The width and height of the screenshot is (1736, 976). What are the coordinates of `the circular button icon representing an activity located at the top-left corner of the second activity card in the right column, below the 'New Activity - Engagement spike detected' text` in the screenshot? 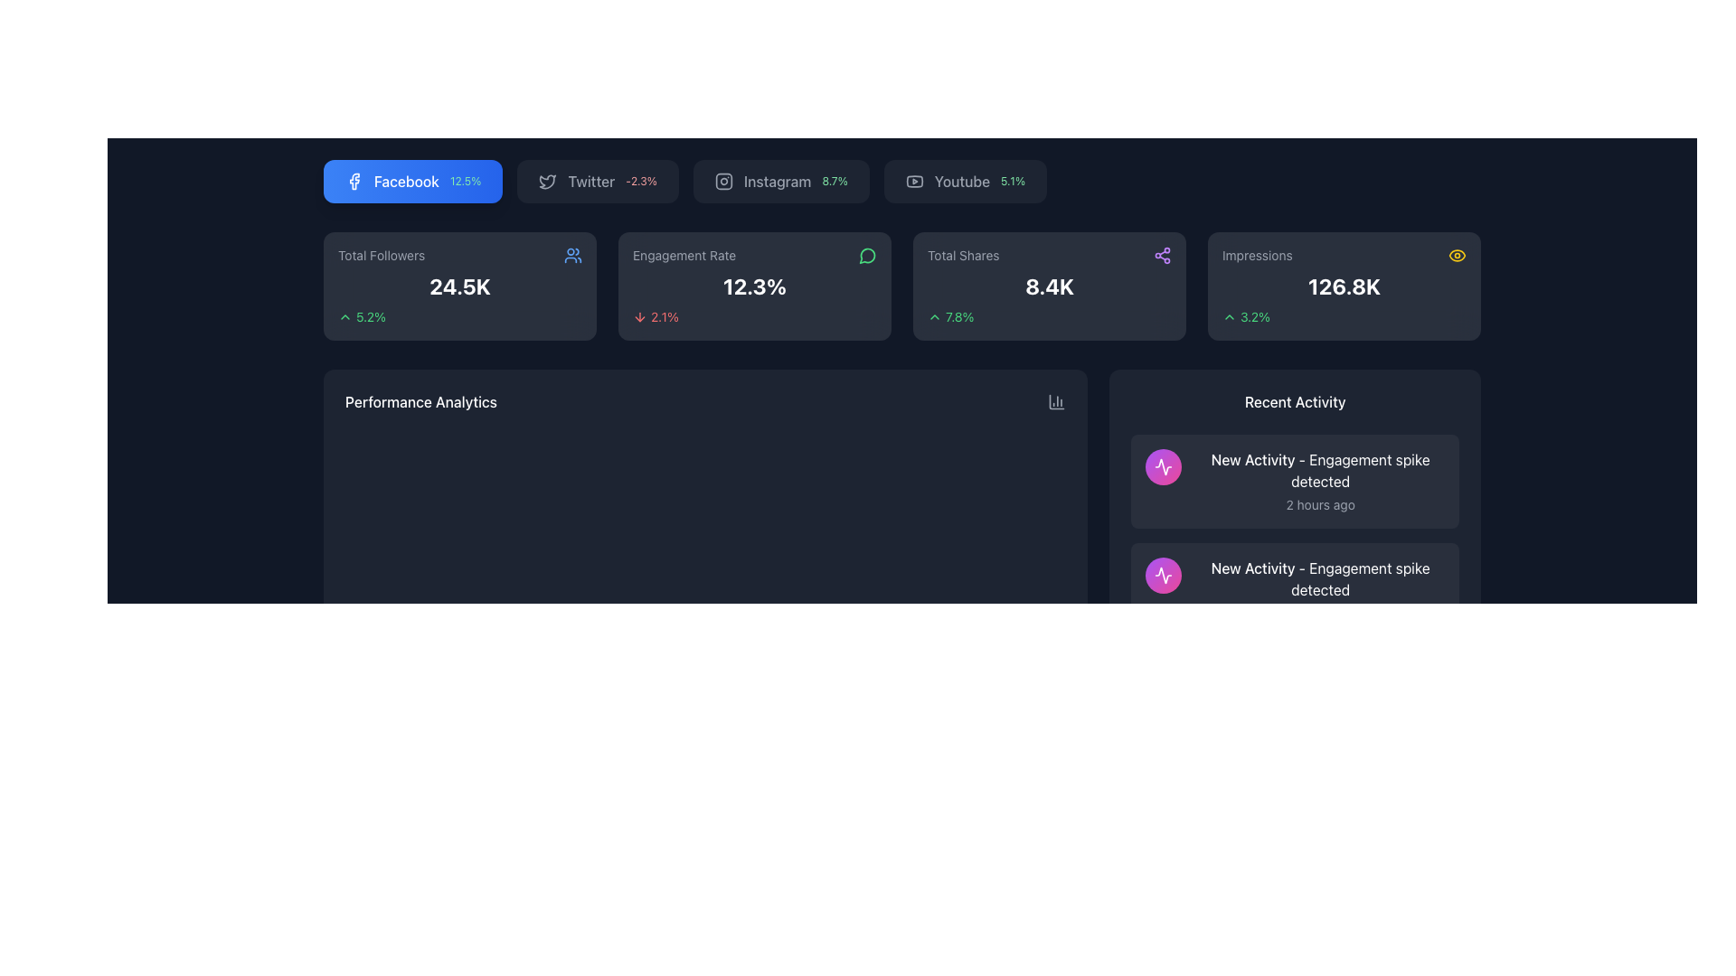 It's located at (1164, 575).